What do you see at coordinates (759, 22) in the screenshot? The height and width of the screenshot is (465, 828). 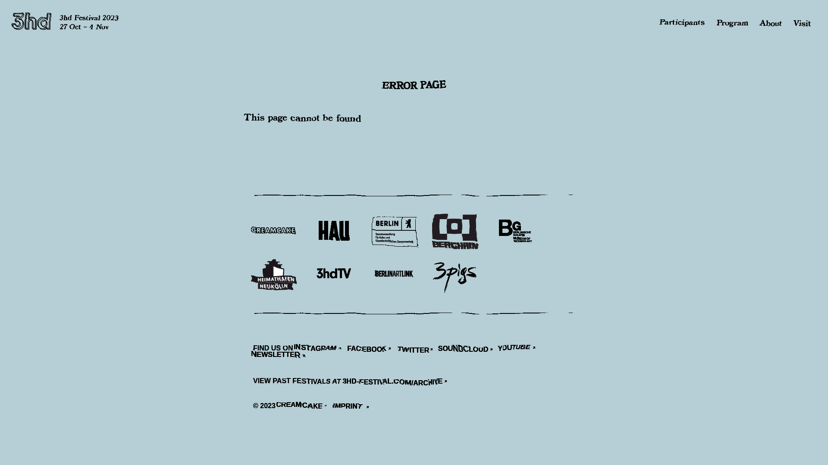 I see `'About'` at bounding box center [759, 22].